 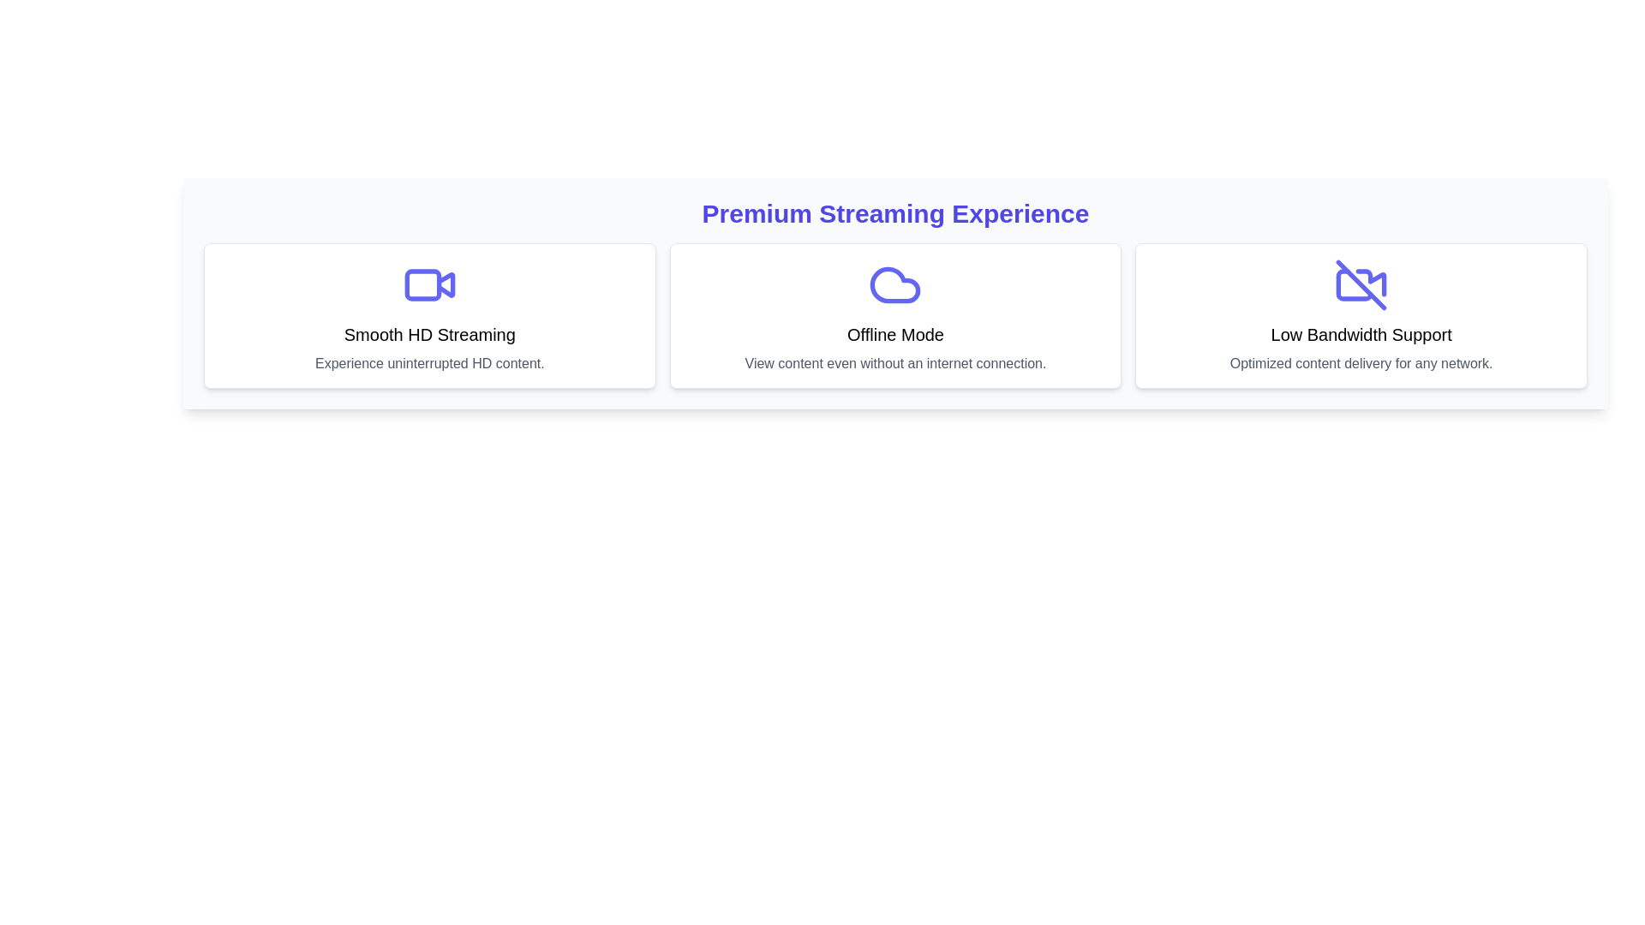 I want to click on the video-related icon that visually supports the 'Smooth HD Streaming' message, located above the text within the card, so click(x=429, y=283).